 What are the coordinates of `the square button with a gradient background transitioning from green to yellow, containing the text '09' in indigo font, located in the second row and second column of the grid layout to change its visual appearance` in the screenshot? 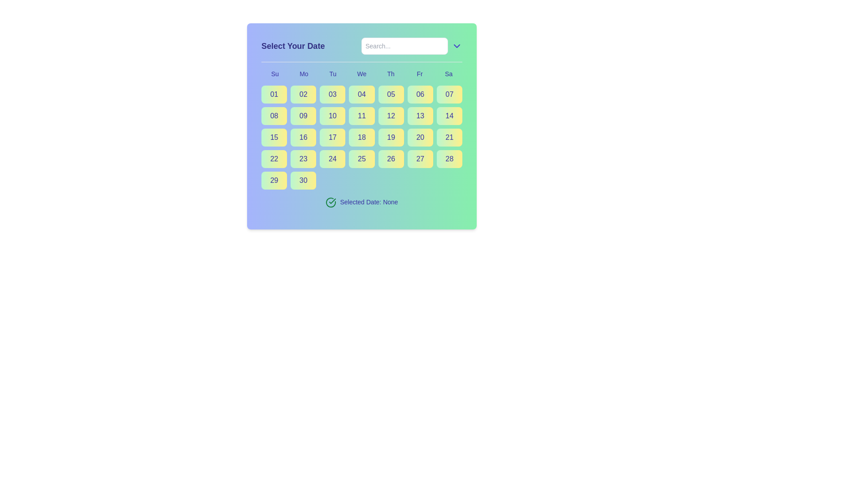 It's located at (303, 115).